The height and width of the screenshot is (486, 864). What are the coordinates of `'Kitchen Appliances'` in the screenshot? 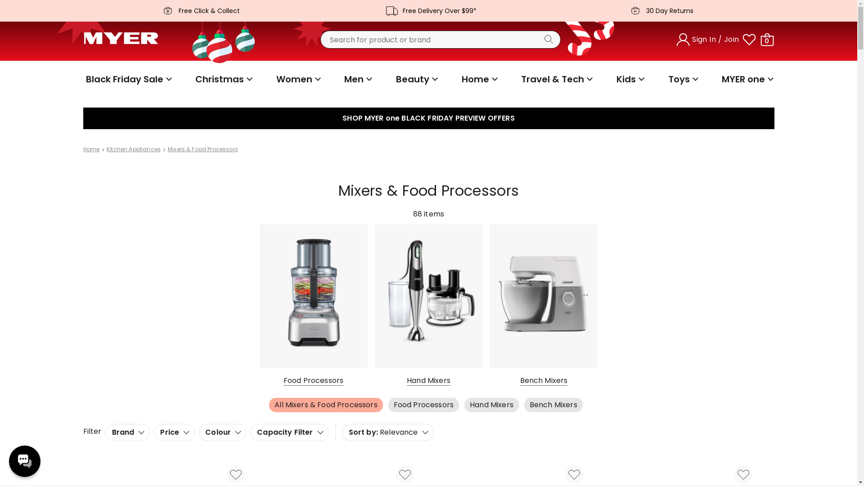 It's located at (133, 148).